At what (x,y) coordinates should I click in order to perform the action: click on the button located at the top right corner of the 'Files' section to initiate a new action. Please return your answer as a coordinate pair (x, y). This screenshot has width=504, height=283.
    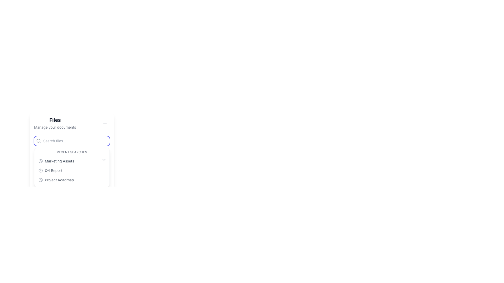
    Looking at the image, I should click on (105, 123).